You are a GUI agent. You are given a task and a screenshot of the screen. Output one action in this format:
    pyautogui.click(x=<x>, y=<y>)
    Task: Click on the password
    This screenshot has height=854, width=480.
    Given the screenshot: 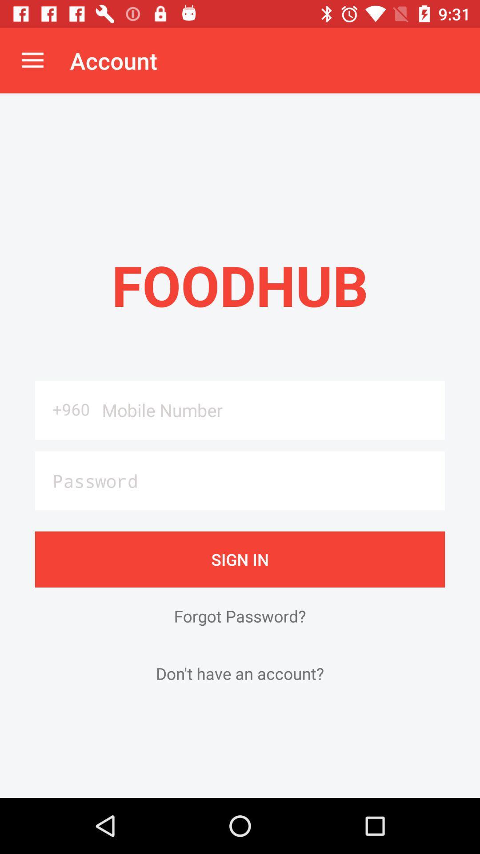 What is the action you would take?
    pyautogui.click(x=240, y=480)
    